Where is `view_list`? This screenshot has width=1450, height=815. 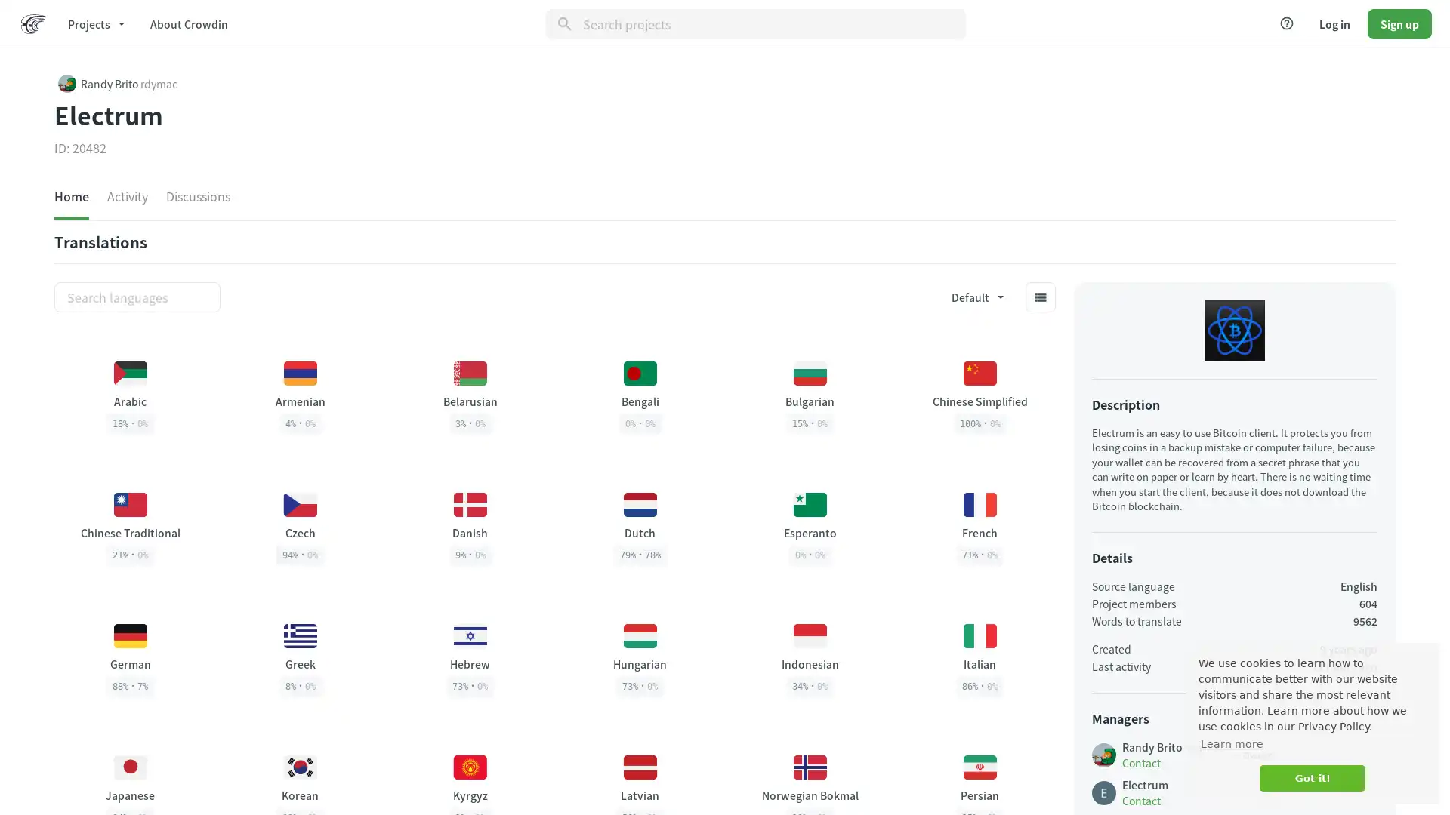
view_list is located at coordinates (1039, 297).